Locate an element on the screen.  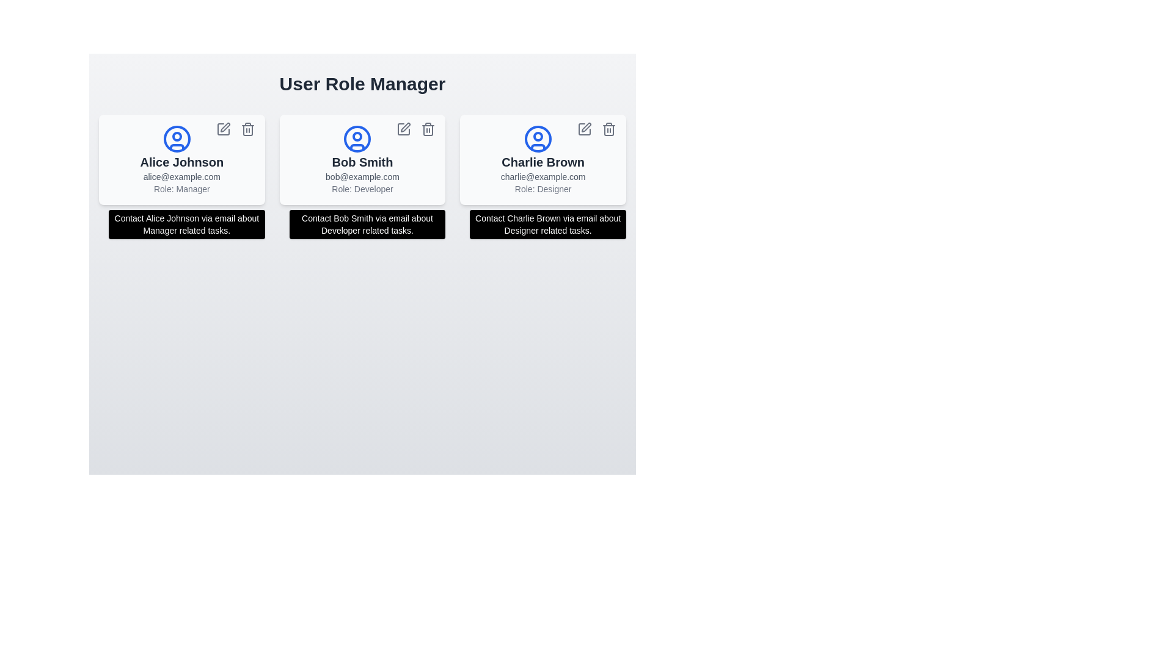
the gray pen icon located in the top-right corner of the user information card associated with 'Bob Smith' is located at coordinates (406, 127).